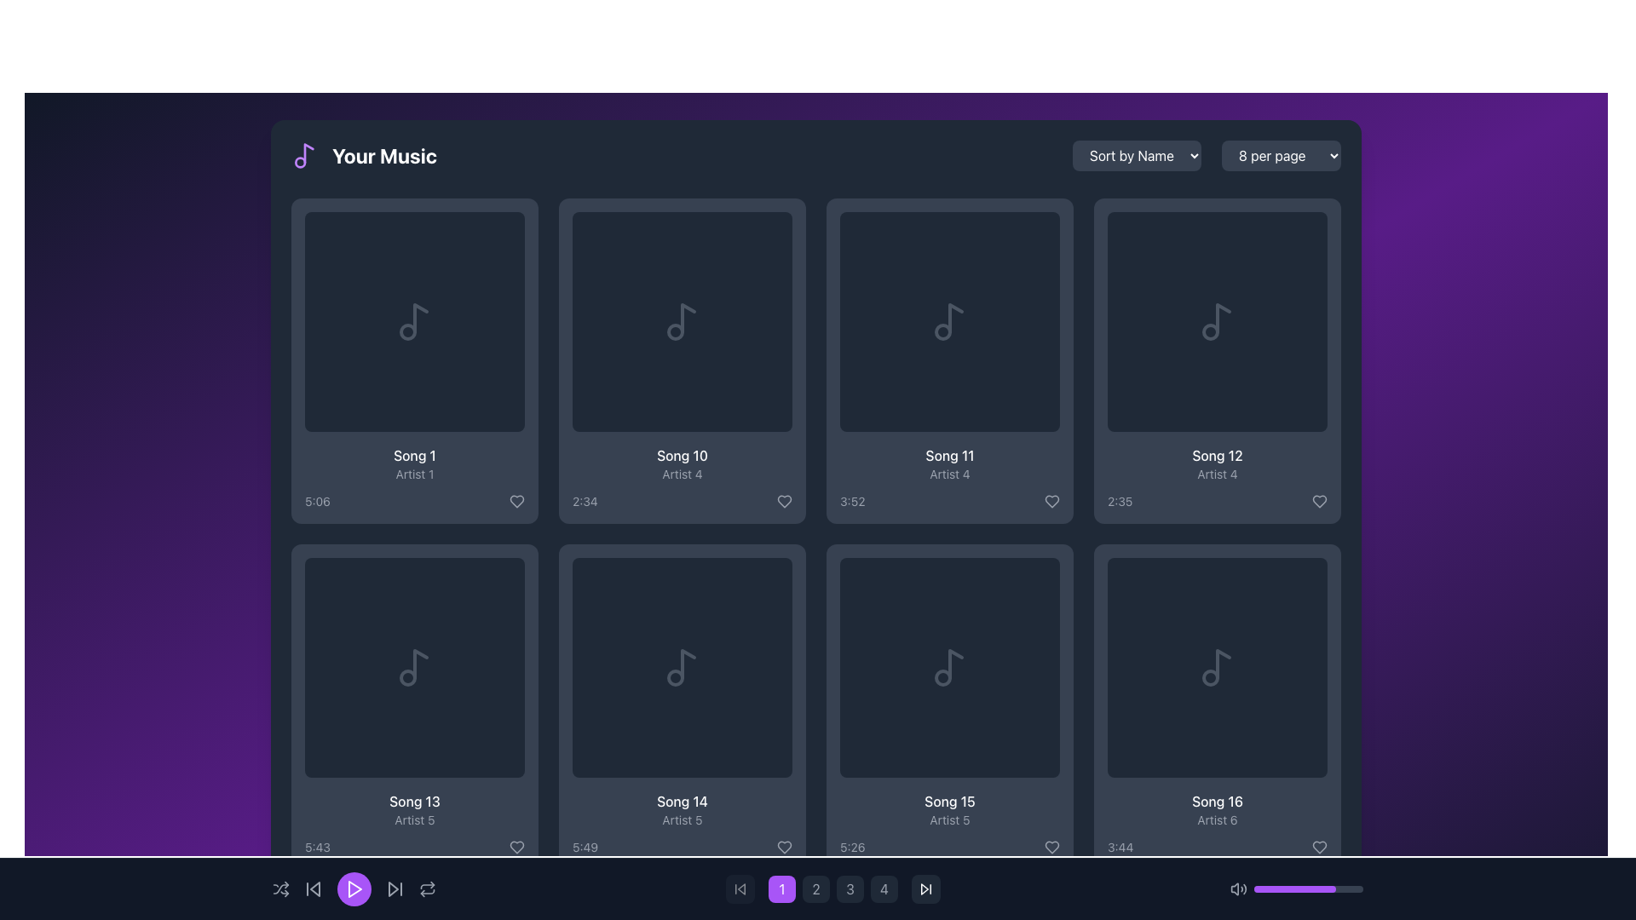 The height and width of the screenshot is (920, 1636). Describe the element at coordinates (1217, 322) in the screenshot. I see `the grey musical note icon representing 'Song 12' by 'Artist 4' in the grid interface` at that location.